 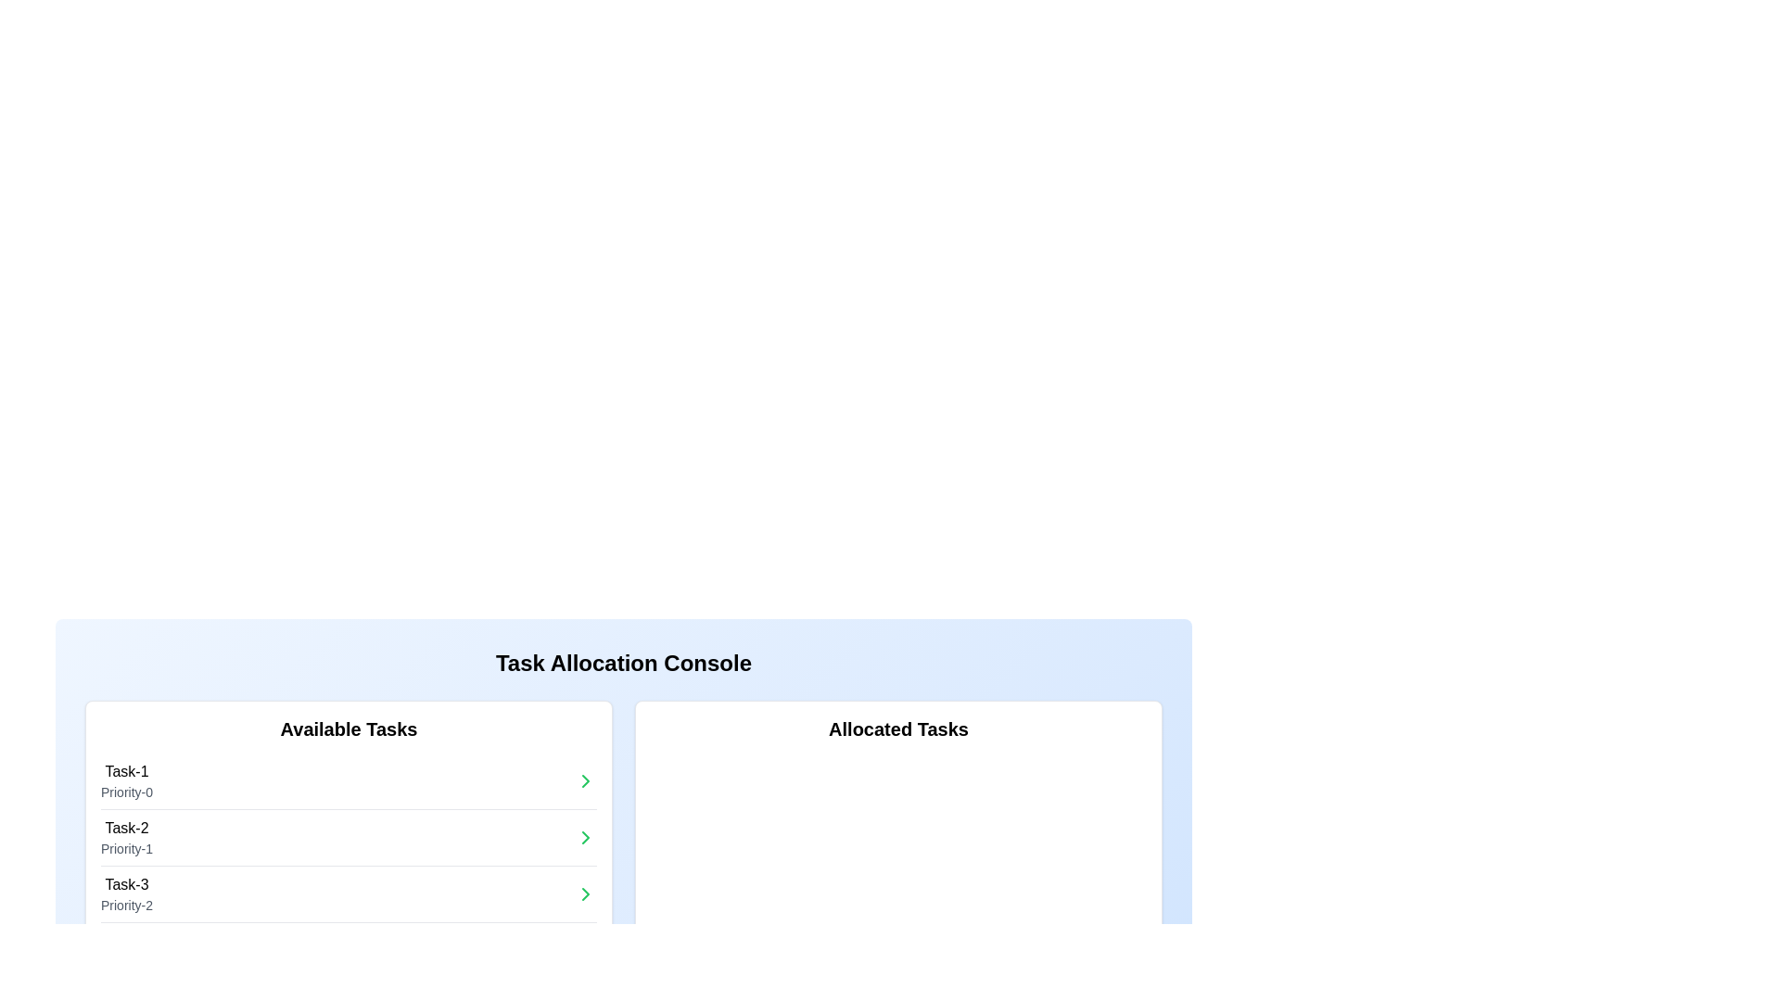 I want to click on the second rightward-pointing chevron icon next to 'Task-2 Priority-1' in the 'Available Tasks' panel, so click(x=585, y=781).